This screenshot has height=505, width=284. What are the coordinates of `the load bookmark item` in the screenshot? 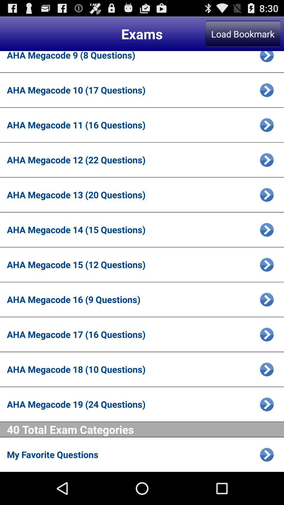 It's located at (243, 33).